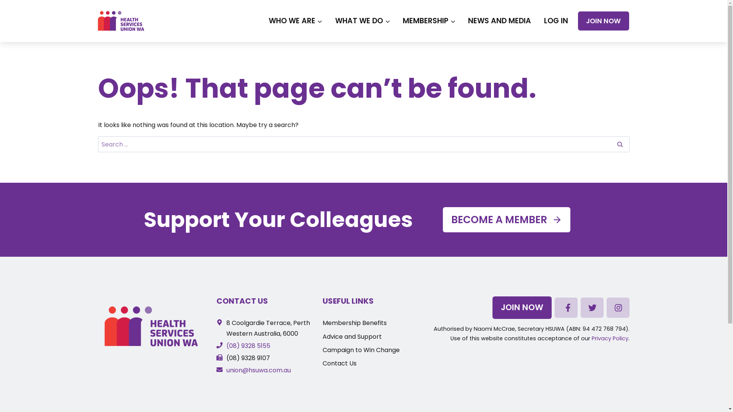  Describe the element at coordinates (262, 20) in the screenshot. I see `'WHO WE ARE'` at that location.